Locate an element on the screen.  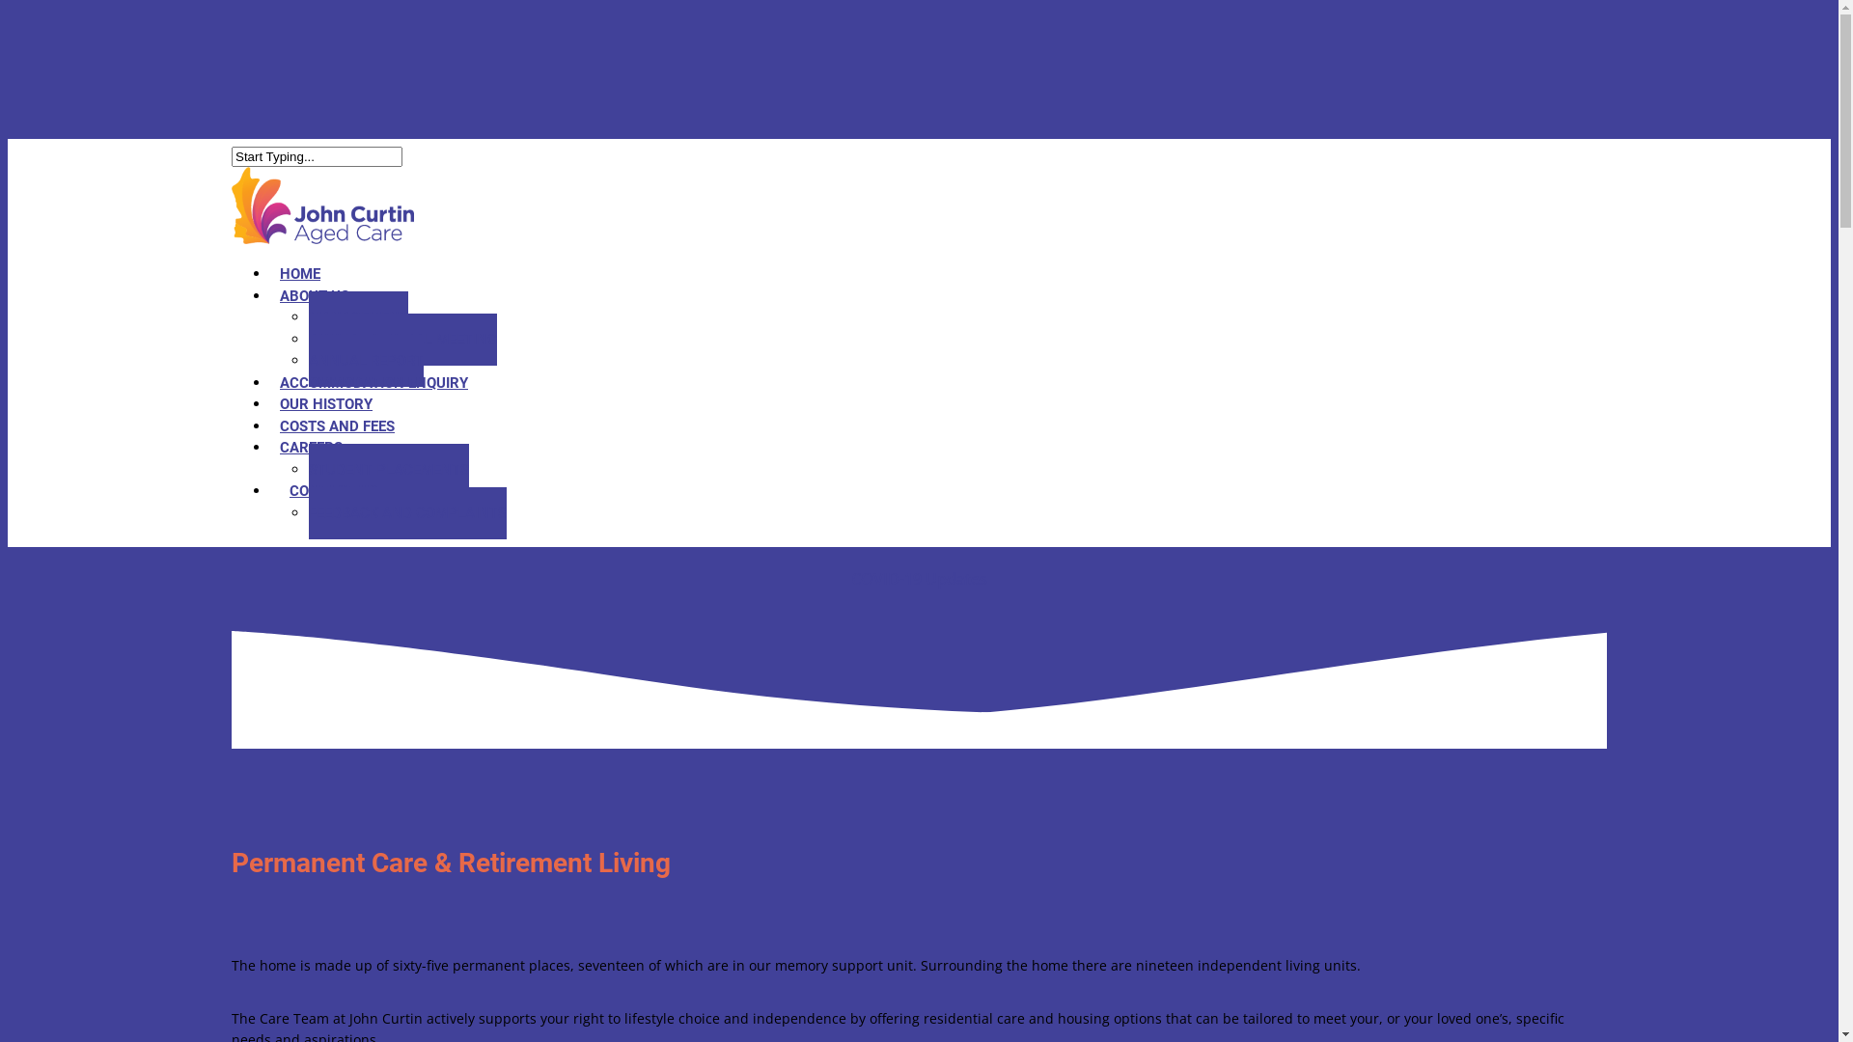
'ANNUAL GENERAL MEETING' is located at coordinates (401, 338).